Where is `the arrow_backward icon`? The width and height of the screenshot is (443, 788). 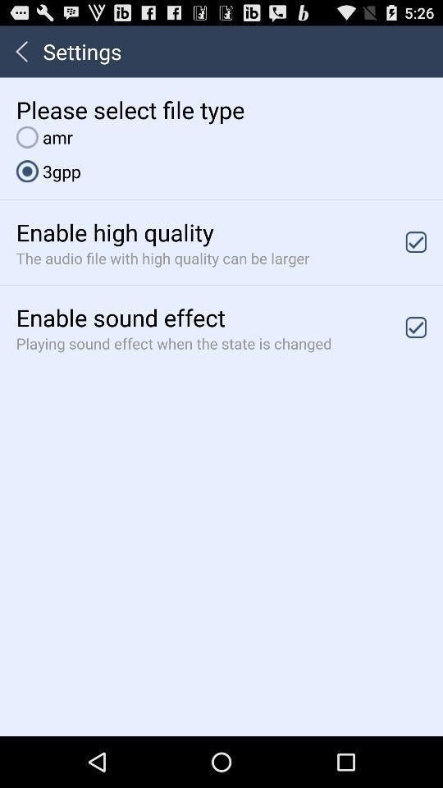 the arrow_backward icon is located at coordinates (21, 55).